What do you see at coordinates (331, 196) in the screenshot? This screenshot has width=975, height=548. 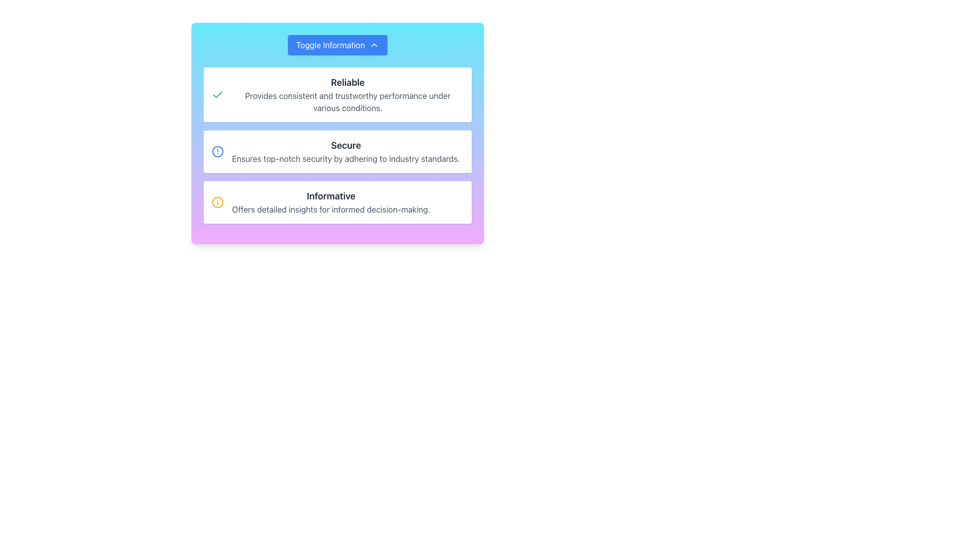 I see `the 'Informative' label, which is a bold, large-sized text element styled in a darker shade of gray, located at the top of a section containing descriptive text` at bounding box center [331, 196].